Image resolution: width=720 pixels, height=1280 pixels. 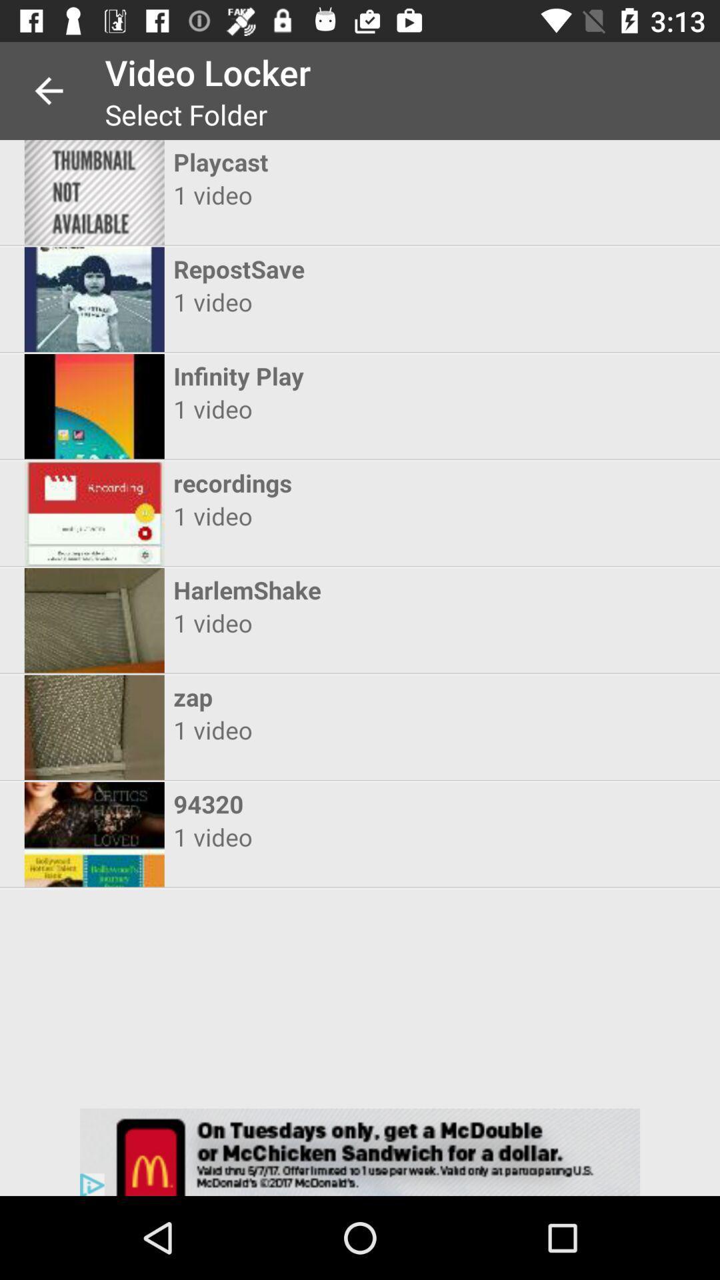 I want to click on the icon above 1 video item, so click(x=347, y=803).